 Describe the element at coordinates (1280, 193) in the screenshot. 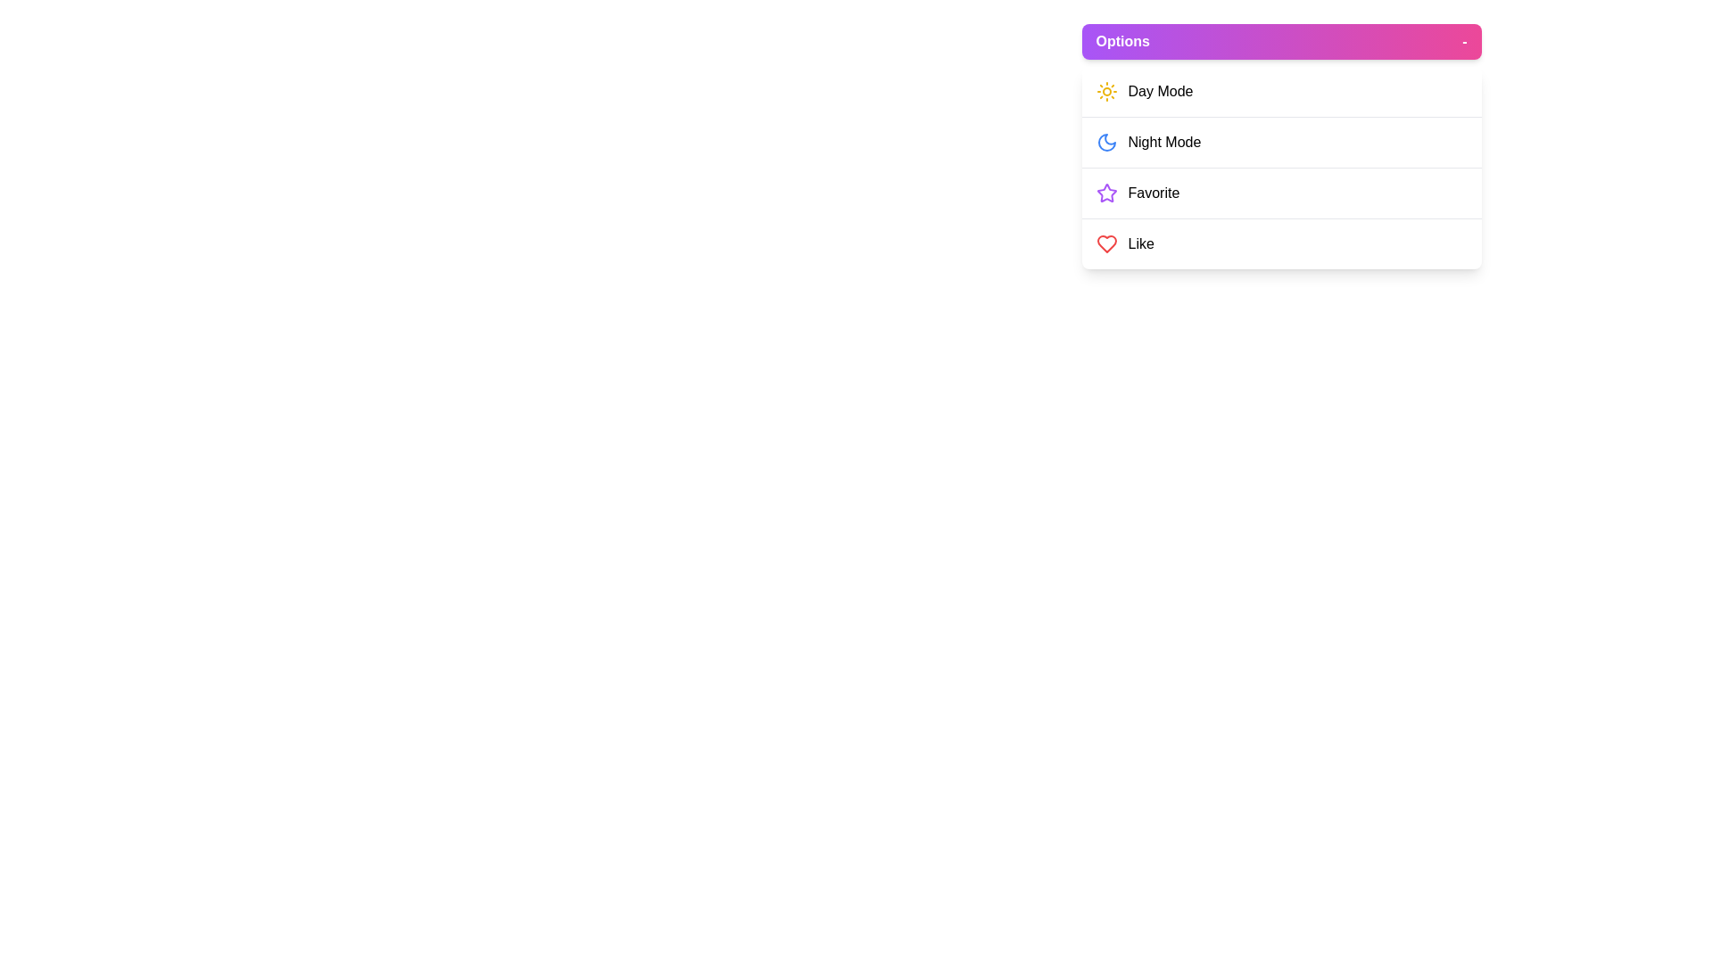

I see `the menu option Favorite from the ApplicationMenu` at that location.